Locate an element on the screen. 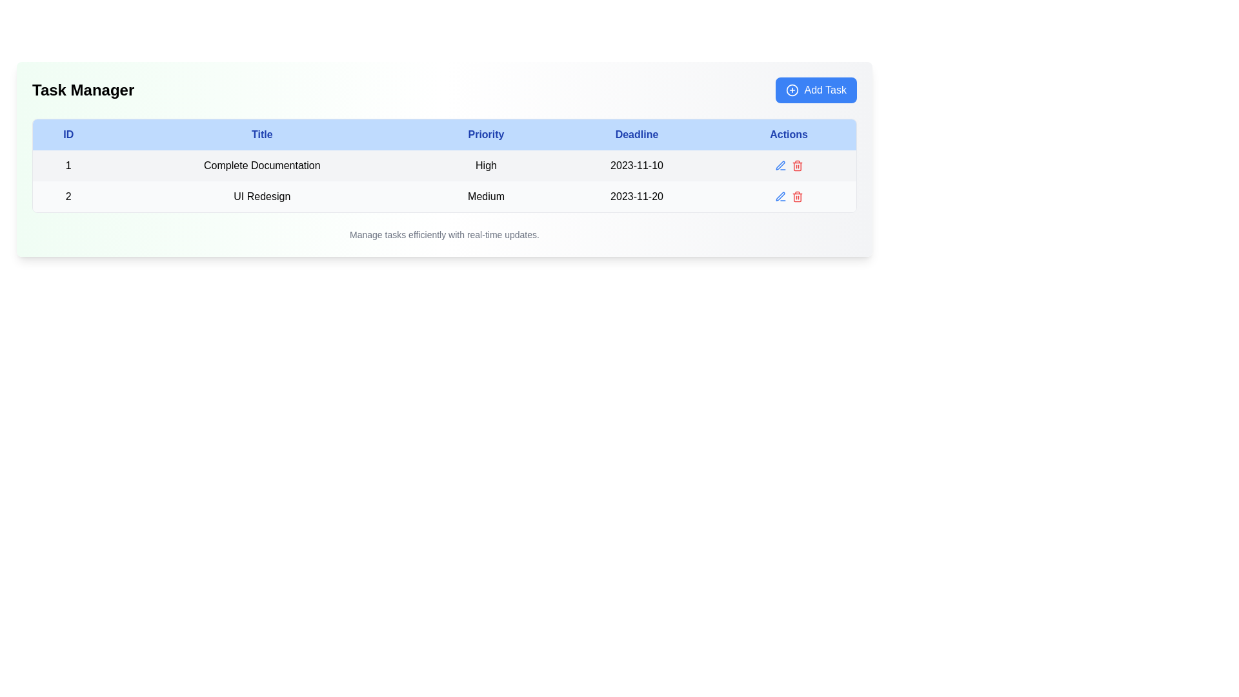 This screenshot has height=697, width=1239. the static text element that serves as an identifier for the table row, located in the first cell of the second row, directly below the numeral '1' from the first row and preceding the text 'UI Redesign' is located at coordinates (68, 196).